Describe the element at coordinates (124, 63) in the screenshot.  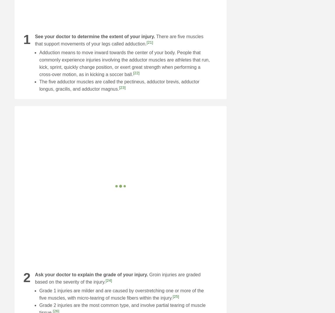
I see `'Adduction means to move inward towards the center of your body. People that commonly experience injuries involving the adductor muscles are athletes that run, kick, sprint, quickly change position, or exert great strength when performing a cross-over motion, as in kicking a soccer ball.'` at that location.